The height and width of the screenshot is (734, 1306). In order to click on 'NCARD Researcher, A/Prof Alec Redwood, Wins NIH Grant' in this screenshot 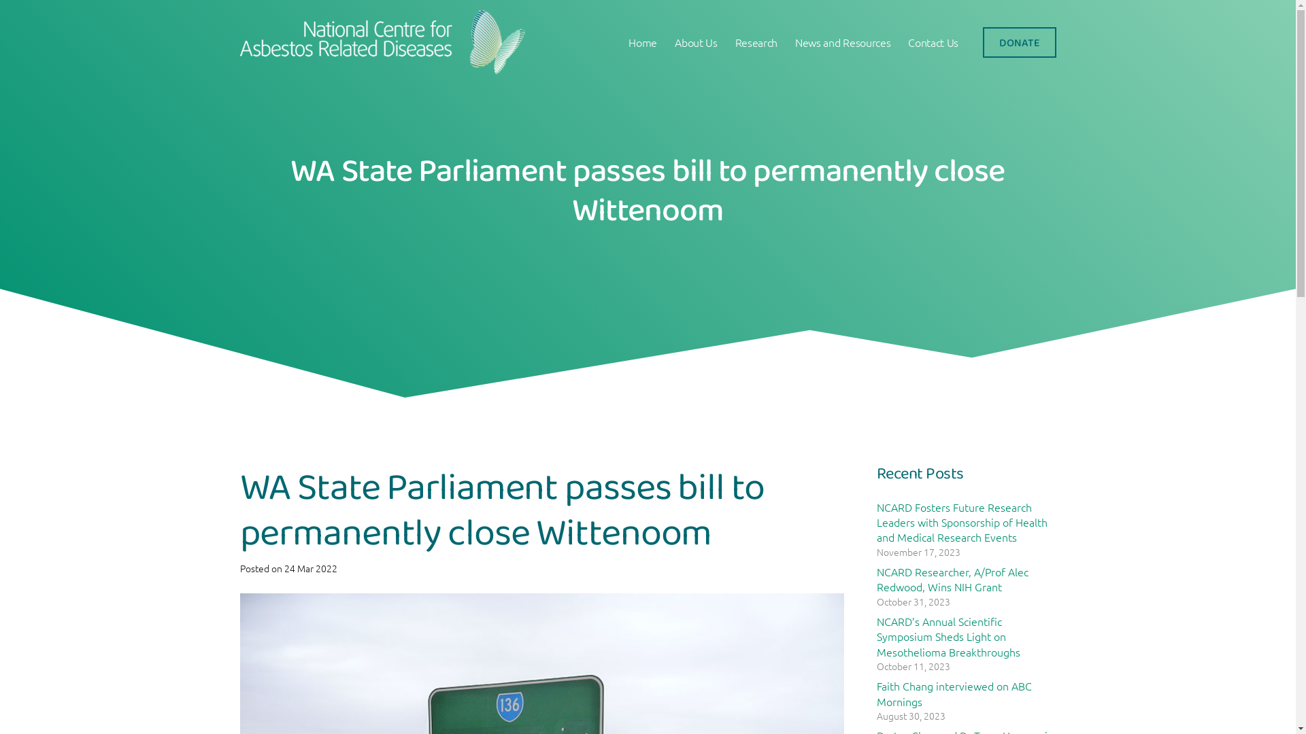, I will do `click(951, 579)`.